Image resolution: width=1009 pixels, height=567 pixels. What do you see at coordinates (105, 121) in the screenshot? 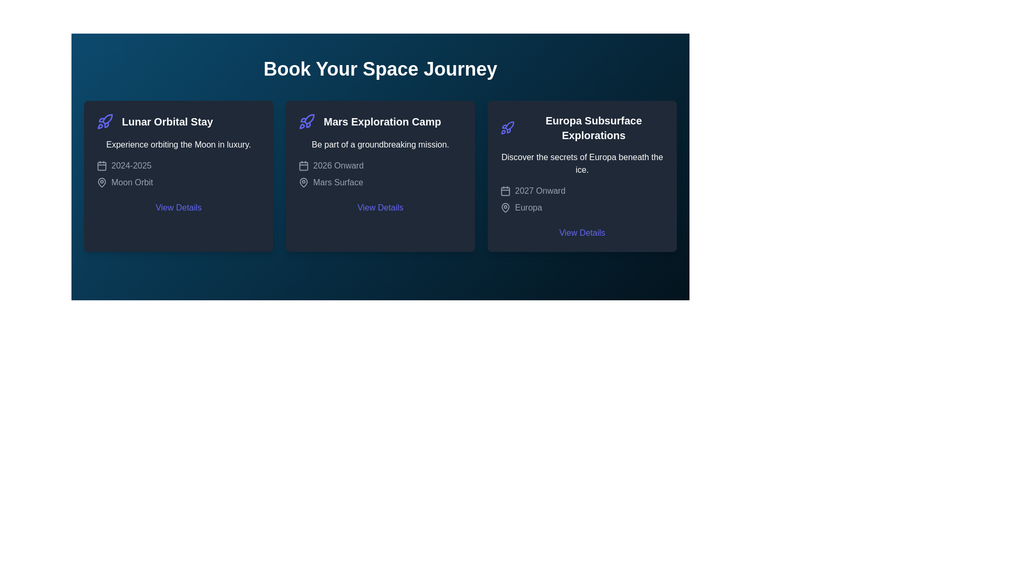
I see `the indigo rocket icon positioned to the left of the 'Lunar Orbital Stay' title text as a visual indicator` at bounding box center [105, 121].